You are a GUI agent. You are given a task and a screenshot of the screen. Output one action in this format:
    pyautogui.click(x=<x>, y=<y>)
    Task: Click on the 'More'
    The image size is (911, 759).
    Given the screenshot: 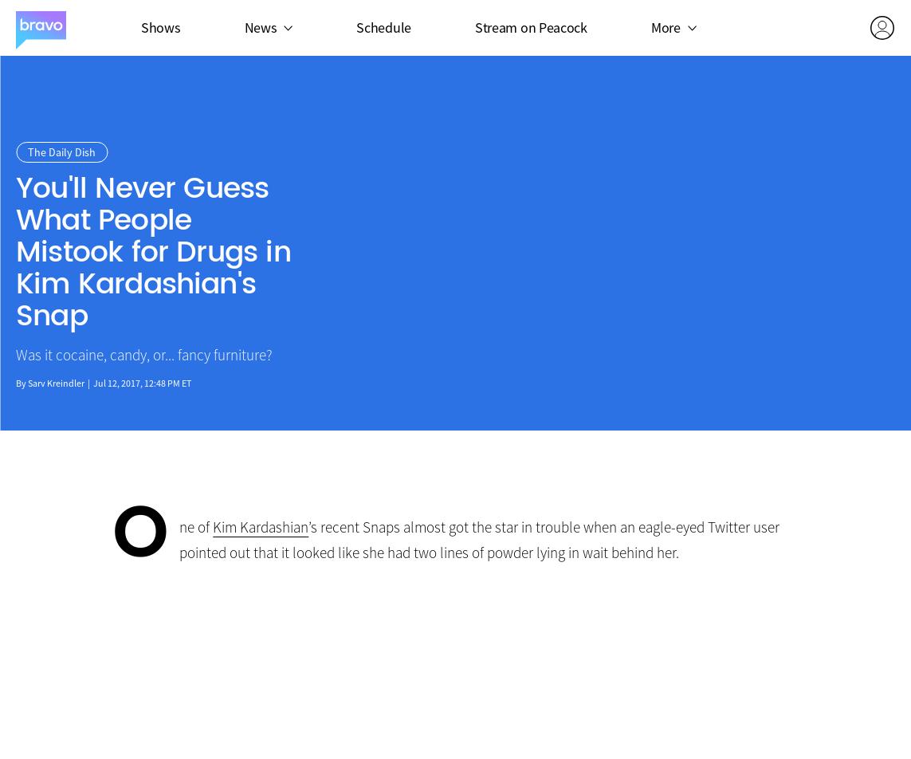 What is the action you would take?
    pyautogui.click(x=664, y=26)
    